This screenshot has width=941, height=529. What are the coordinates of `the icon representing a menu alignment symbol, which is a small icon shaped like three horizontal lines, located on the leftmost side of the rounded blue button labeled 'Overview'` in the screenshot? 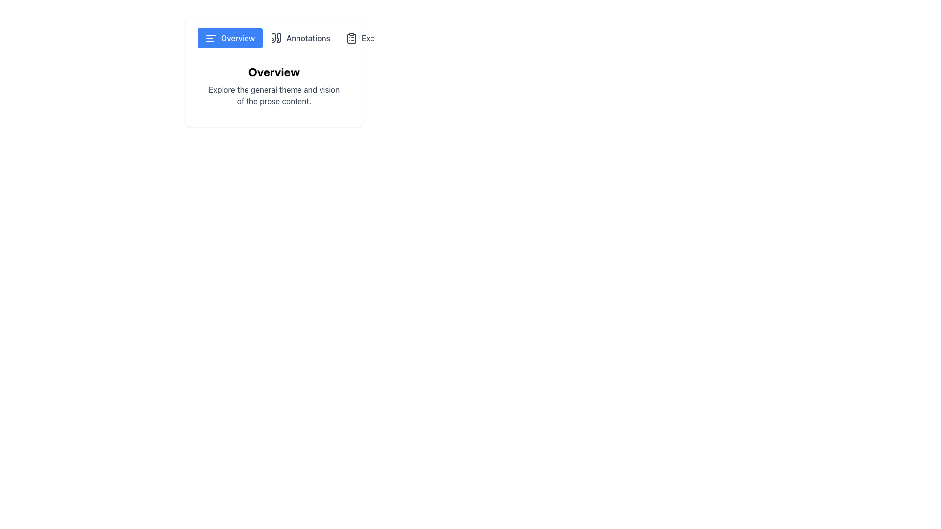 It's located at (211, 37).